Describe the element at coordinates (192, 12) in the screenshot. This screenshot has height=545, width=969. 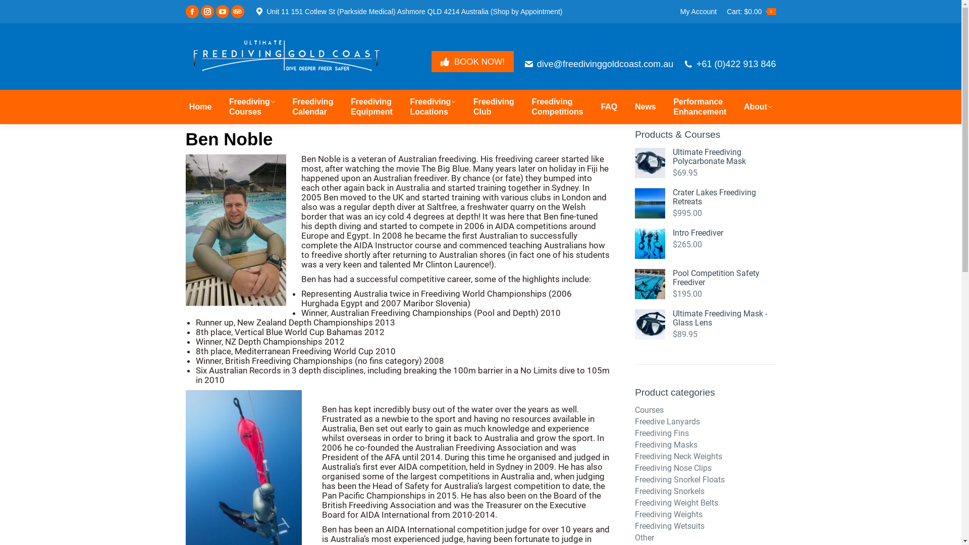
I see `'Facebook page opens in new window'` at that location.